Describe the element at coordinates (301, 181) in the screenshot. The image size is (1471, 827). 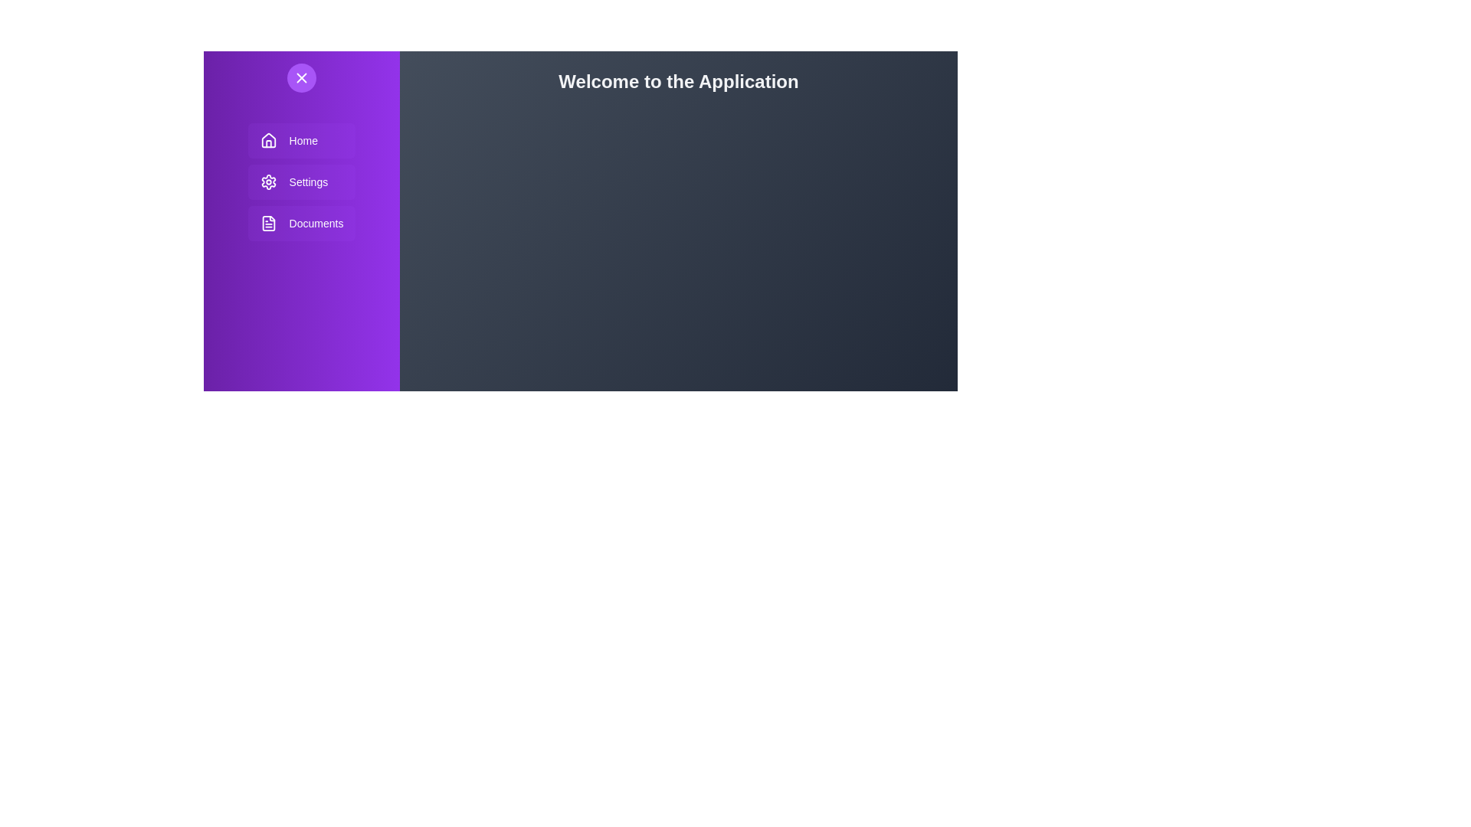
I see `the sidebar menu item Settings` at that location.